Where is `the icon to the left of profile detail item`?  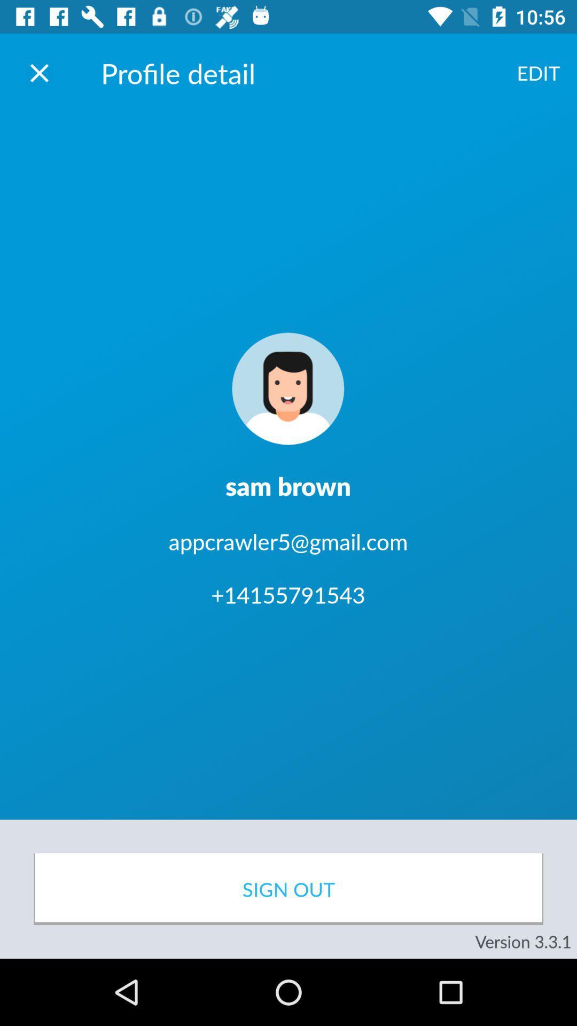 the icon to the left of profile detail item is located at coordinates (38, 72).